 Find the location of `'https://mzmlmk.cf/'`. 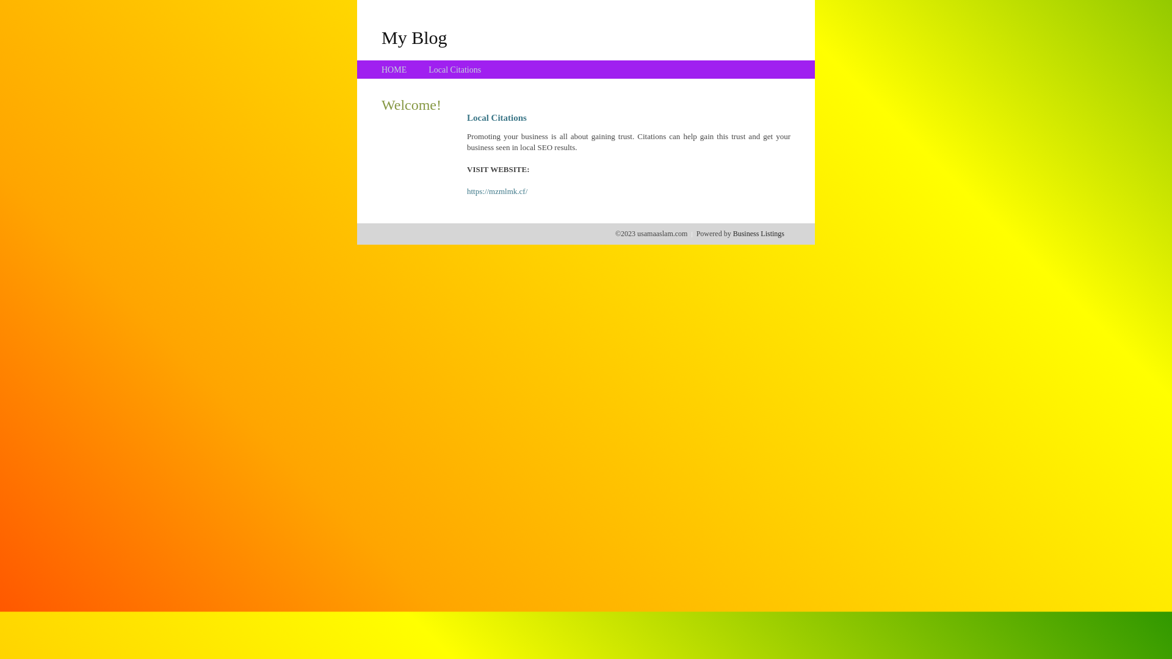

'https://mzmlmk.cf/' is located at coordinates (466, 191).